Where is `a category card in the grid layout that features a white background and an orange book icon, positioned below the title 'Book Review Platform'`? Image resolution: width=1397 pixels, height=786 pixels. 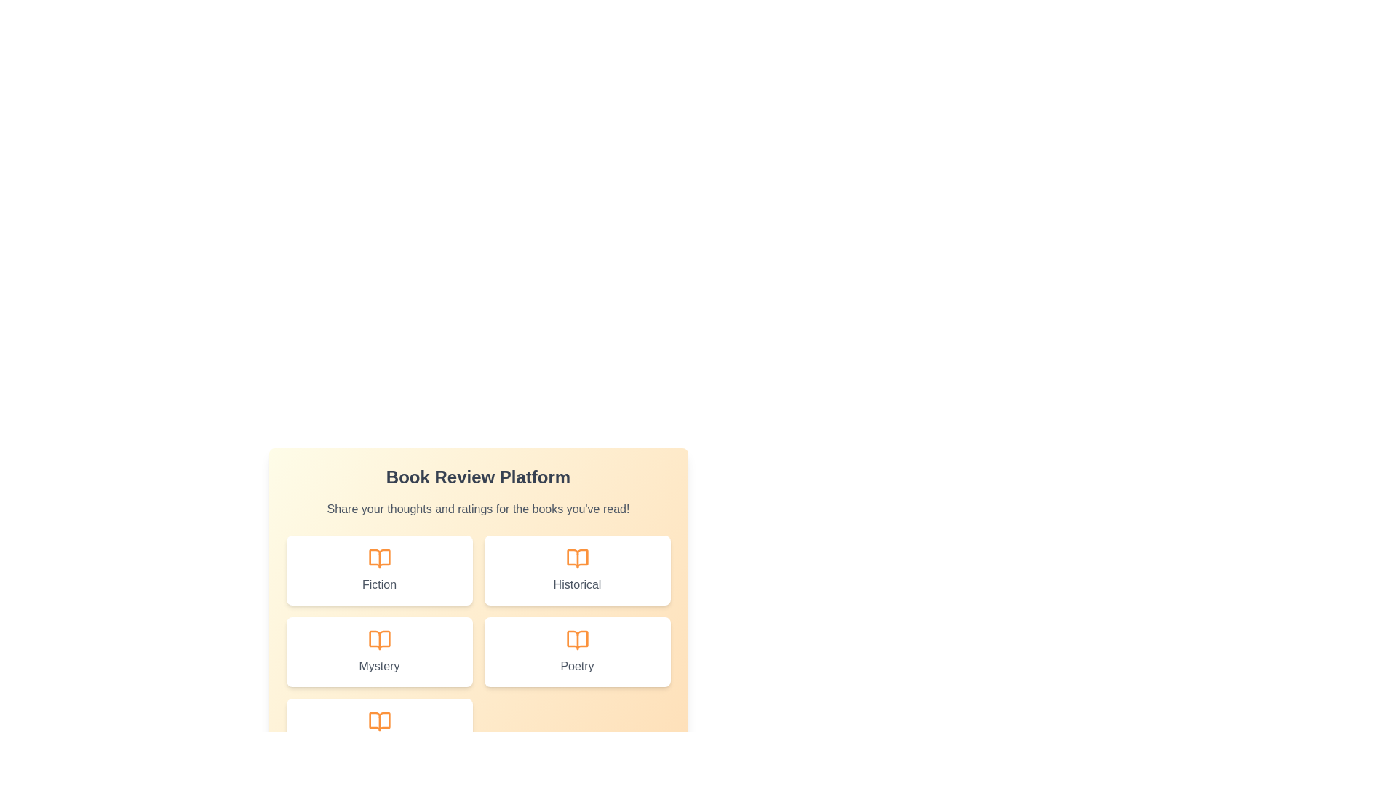
a category card in the grid layout that features a white background and an orange book icon, positioned below the title 'Book Review Platform' is located at coordinates (478, 651).